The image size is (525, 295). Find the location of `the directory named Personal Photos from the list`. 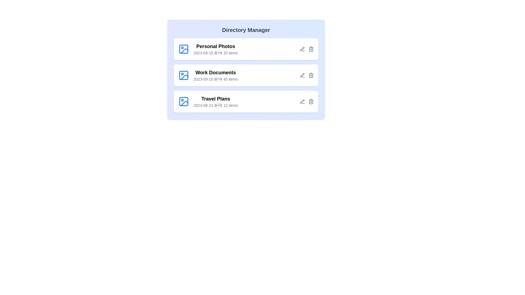

the directory named Personal Photos from the list is located at coordinates (246, 49).